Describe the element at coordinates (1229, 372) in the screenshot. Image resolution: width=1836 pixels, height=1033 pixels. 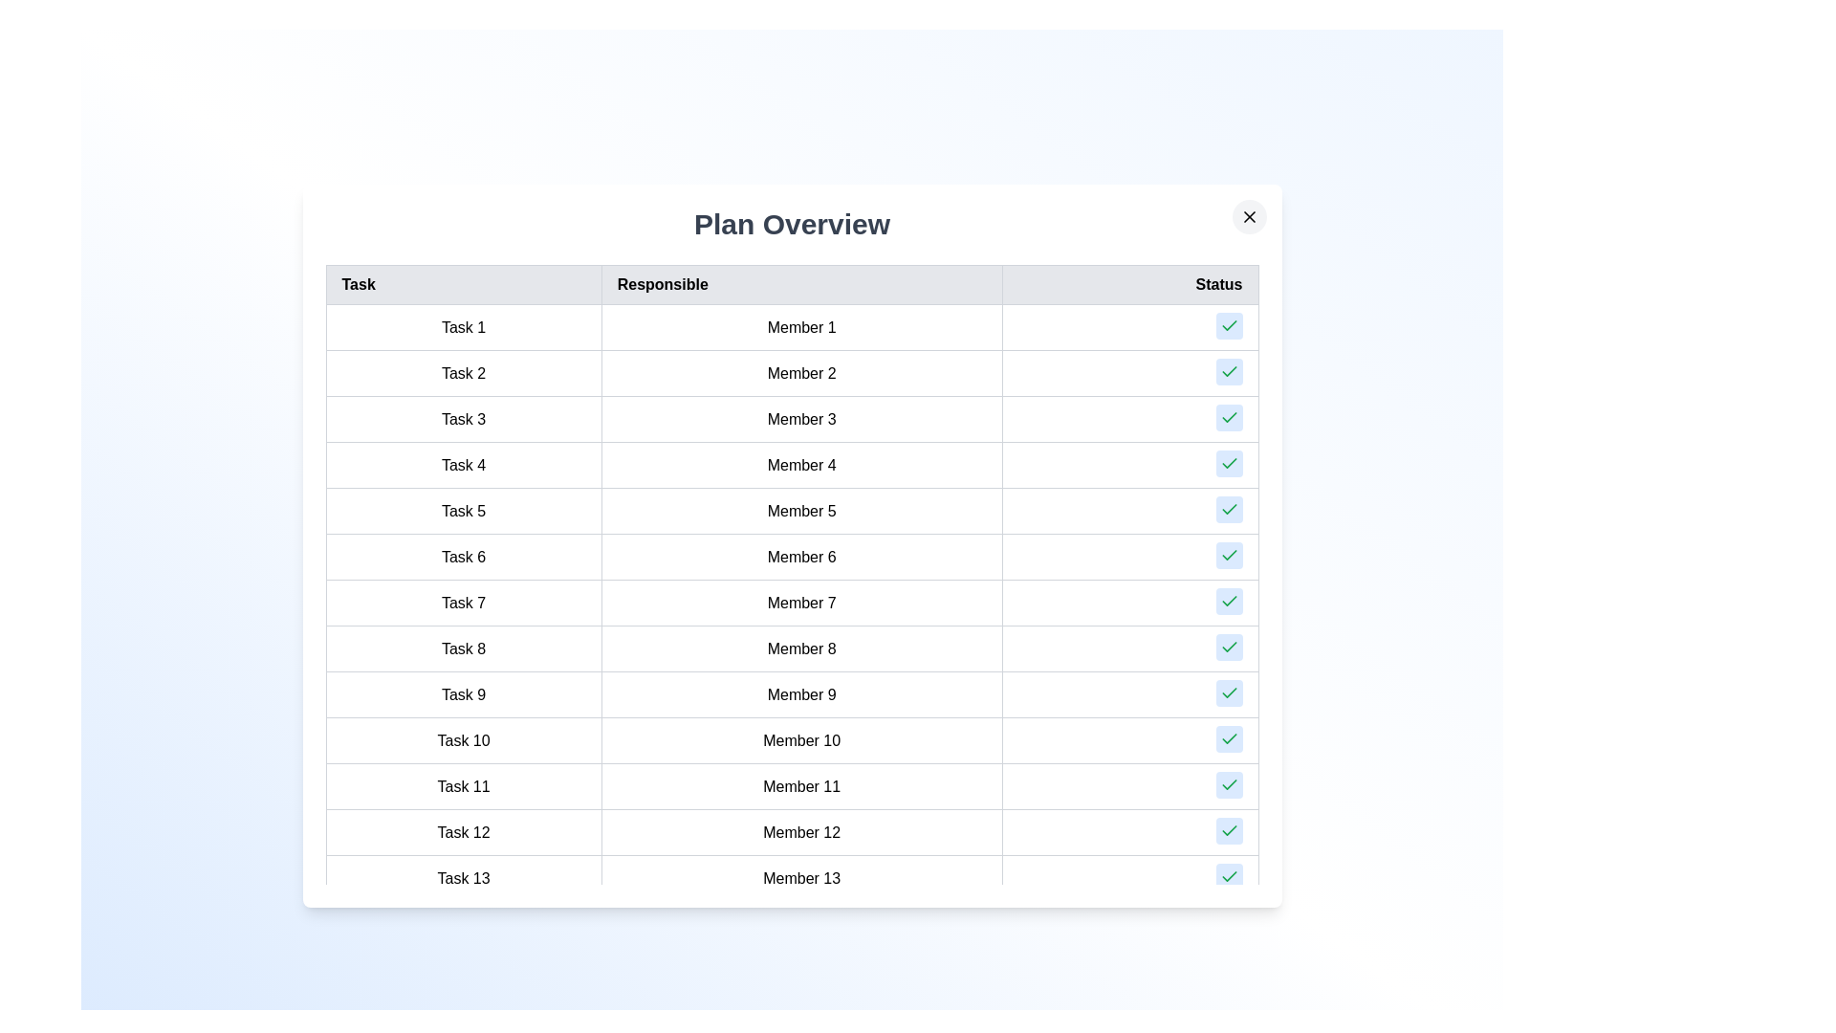
I see `the 'Check' button for task 2 to mark it as completed` at that location.